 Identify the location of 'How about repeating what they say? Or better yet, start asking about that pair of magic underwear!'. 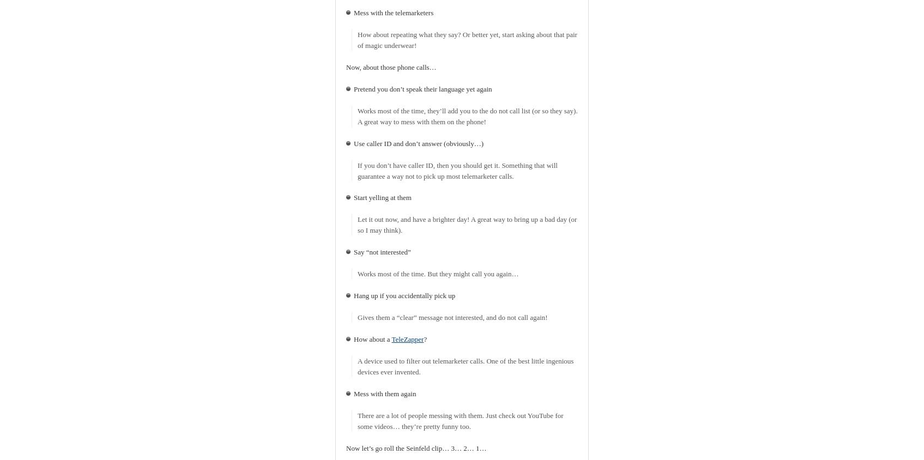
(466, 39).